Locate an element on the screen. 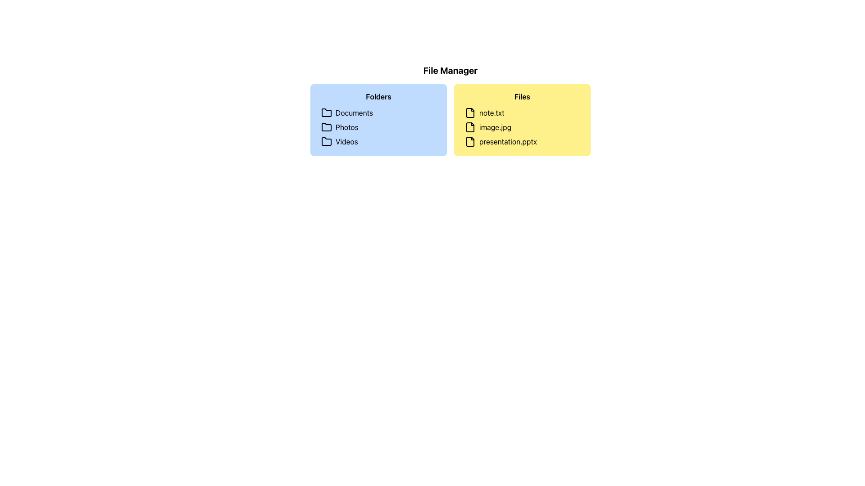 The height and width of the screenshot is (486, 865). the file entry labeled 'image.jpg' is located at coordinates (522, 127).